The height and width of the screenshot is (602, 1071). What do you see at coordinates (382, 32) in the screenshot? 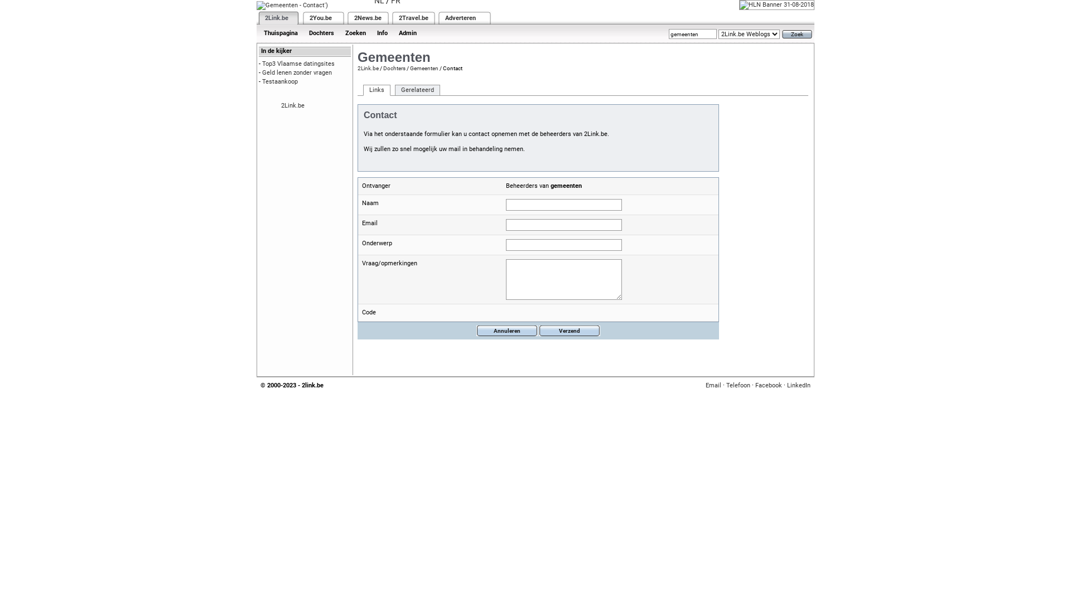
I see `'Info'` at bounding box center [382, 32].